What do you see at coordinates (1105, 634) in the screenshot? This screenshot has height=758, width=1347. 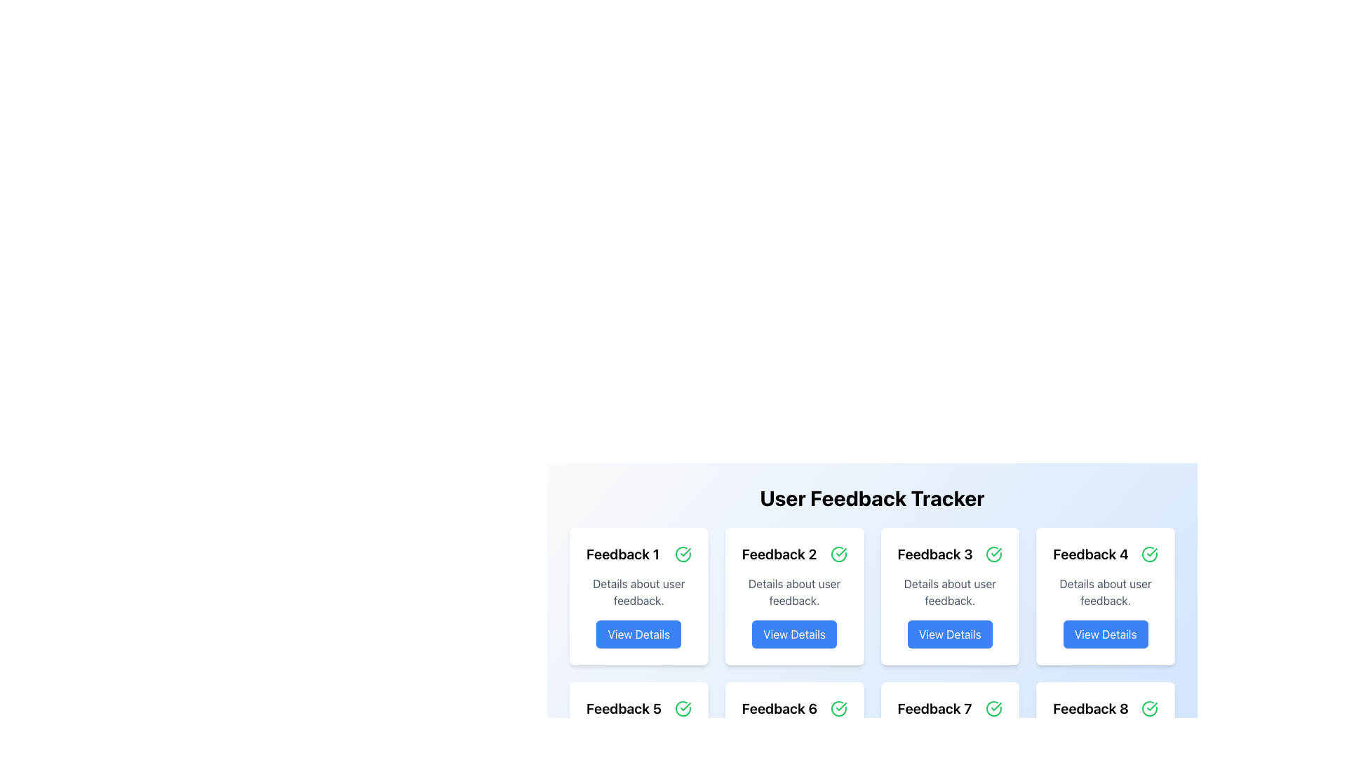 I see `the button at the bottom center of the 'Feedback 4' card` at bounding box center [1105, 634].